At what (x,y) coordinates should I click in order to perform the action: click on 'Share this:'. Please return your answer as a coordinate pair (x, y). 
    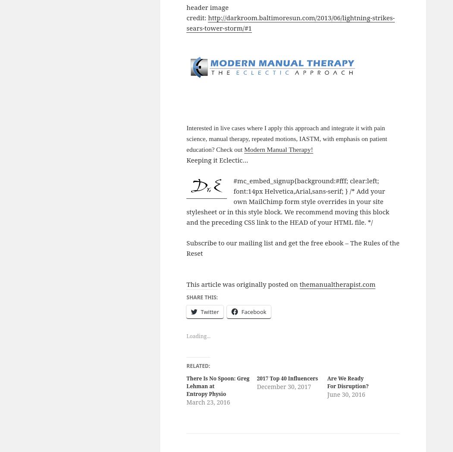
    Looking at the image, I should click on (202, 297).